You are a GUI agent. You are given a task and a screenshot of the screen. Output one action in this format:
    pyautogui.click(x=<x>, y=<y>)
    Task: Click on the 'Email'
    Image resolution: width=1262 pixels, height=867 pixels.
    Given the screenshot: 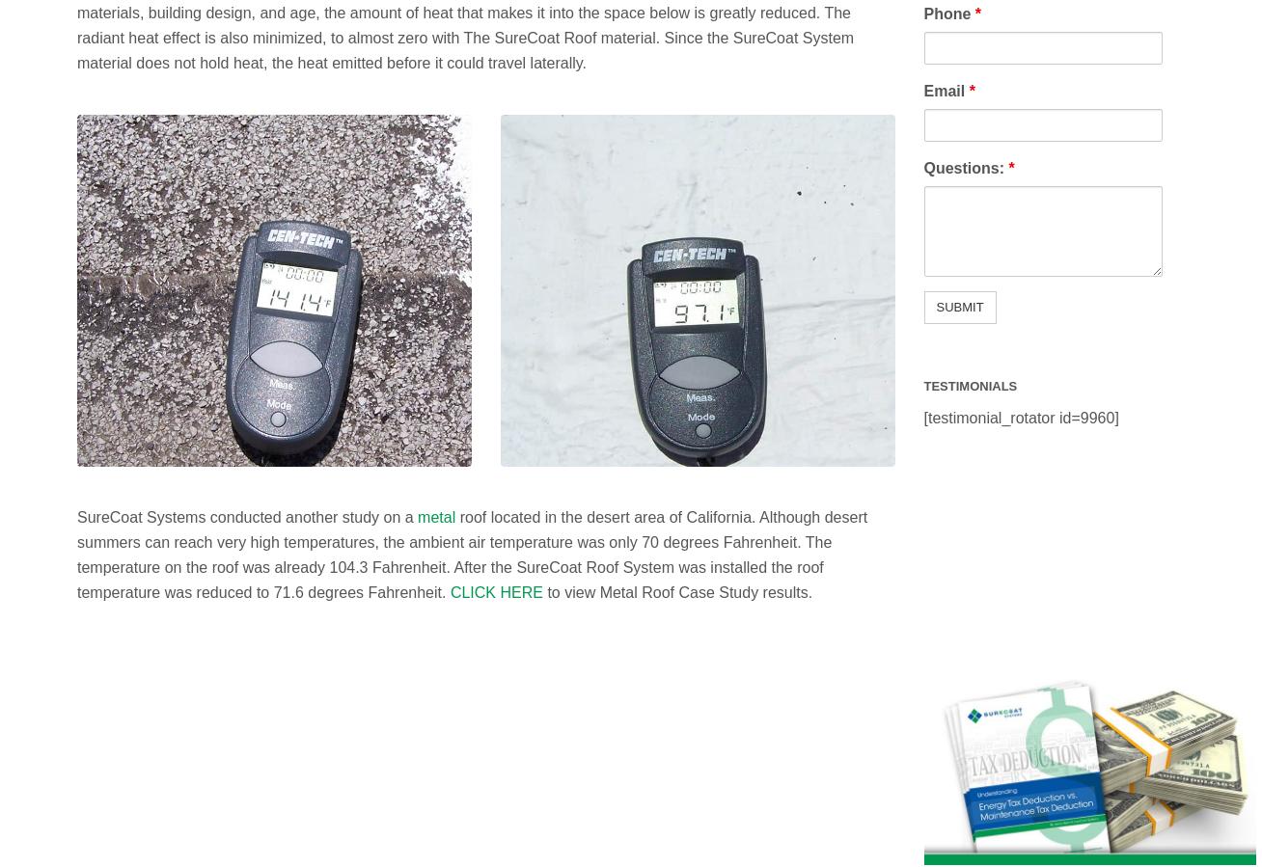 What is the action you would take?
    pyautogui.click(x=945, y=89)
    